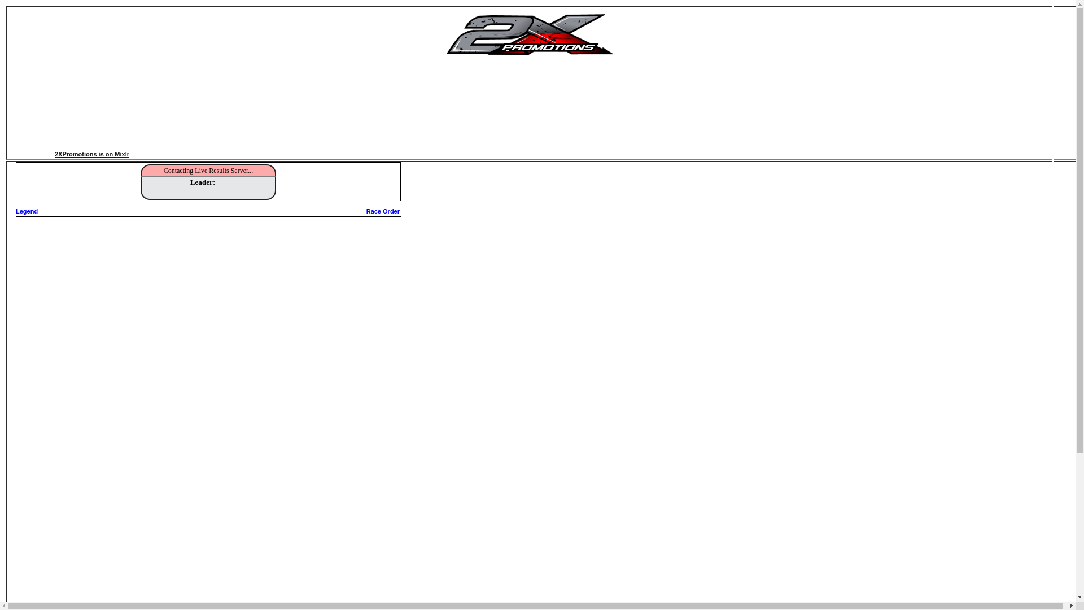 Image resolution: width=1084 pixels, height=610 pixels. What do you see at coordinates (528, 32) in the screenshot?
I see `'2X PROMOTIONS'` at bounding box center [528, 32].